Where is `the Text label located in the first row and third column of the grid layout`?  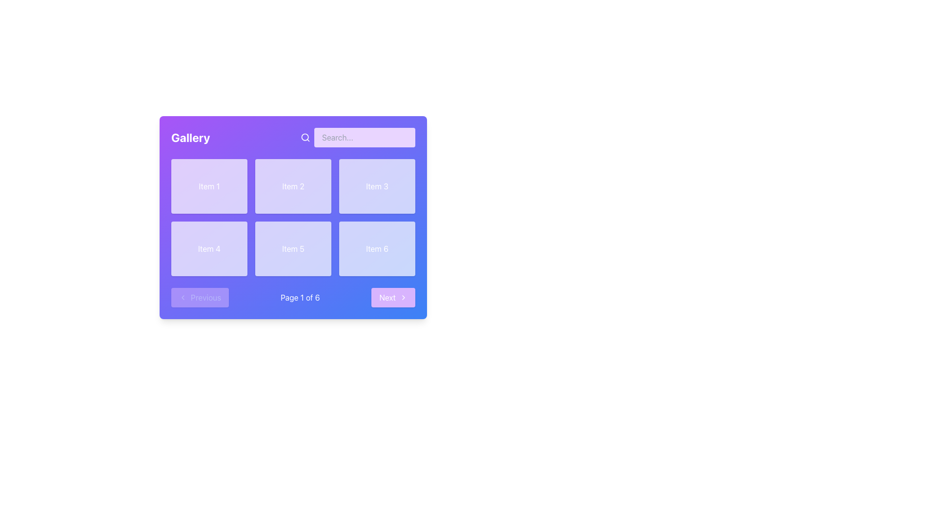 the Text label located in the first row and third column of the grid layout is located at coordinates (376, 186).